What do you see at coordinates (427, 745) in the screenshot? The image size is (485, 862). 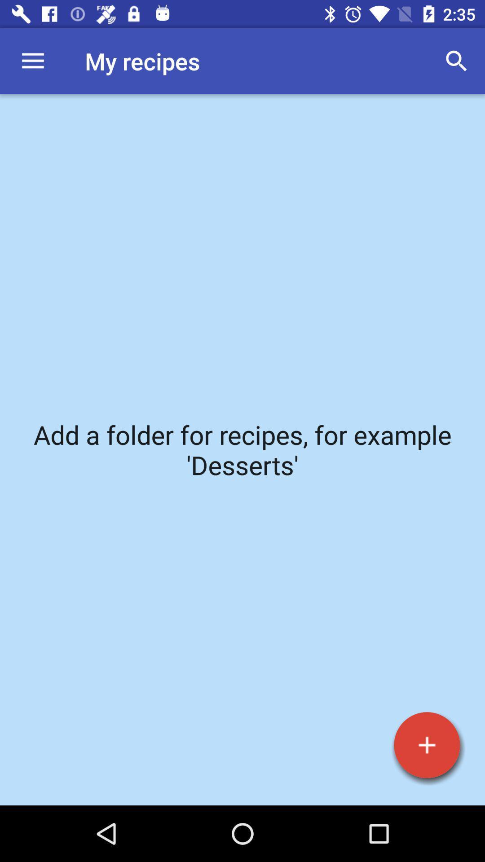 I see `the add icon` at bounding box center [427, 745].